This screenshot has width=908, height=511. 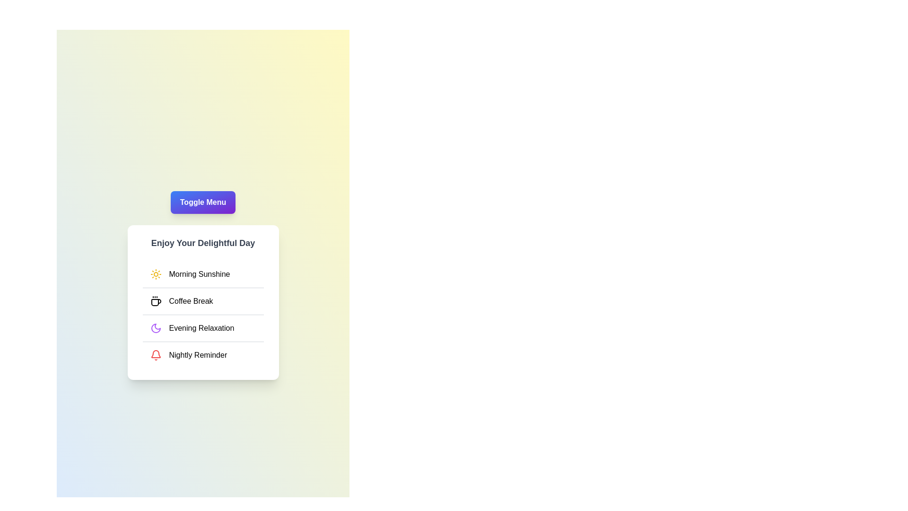 What do you see at coordinates (202, 301) in the screenshot?
I see `the menu item labeled Coffee Break` at bounding box center [202, 301].